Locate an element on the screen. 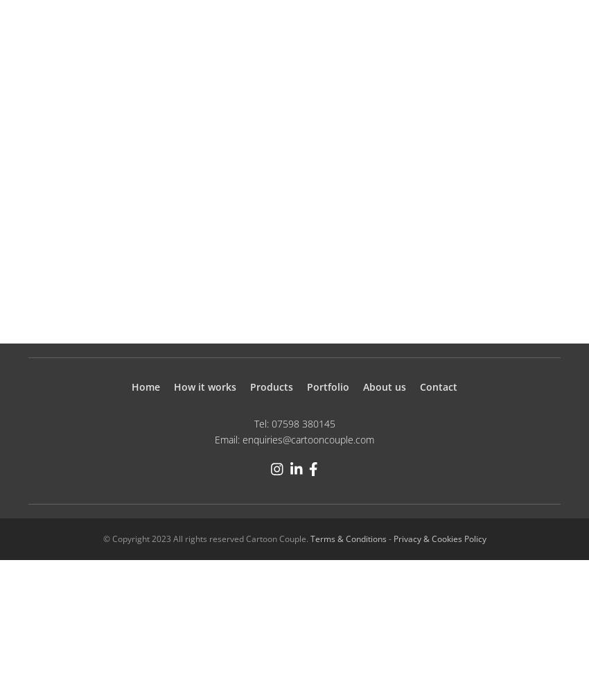 Image resolution: width=589 pixels, height=694 pixels. 'Email:' is located at coordinates (228, 439).